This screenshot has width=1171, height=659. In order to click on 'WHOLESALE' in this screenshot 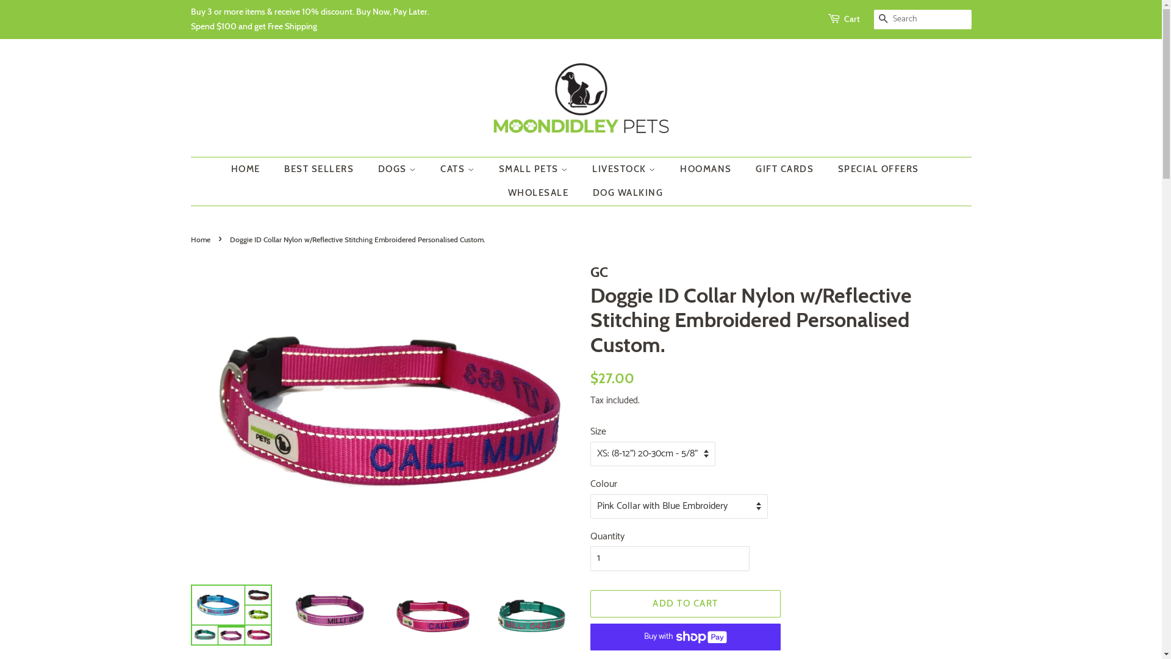, I will do `click(539, 192)`.